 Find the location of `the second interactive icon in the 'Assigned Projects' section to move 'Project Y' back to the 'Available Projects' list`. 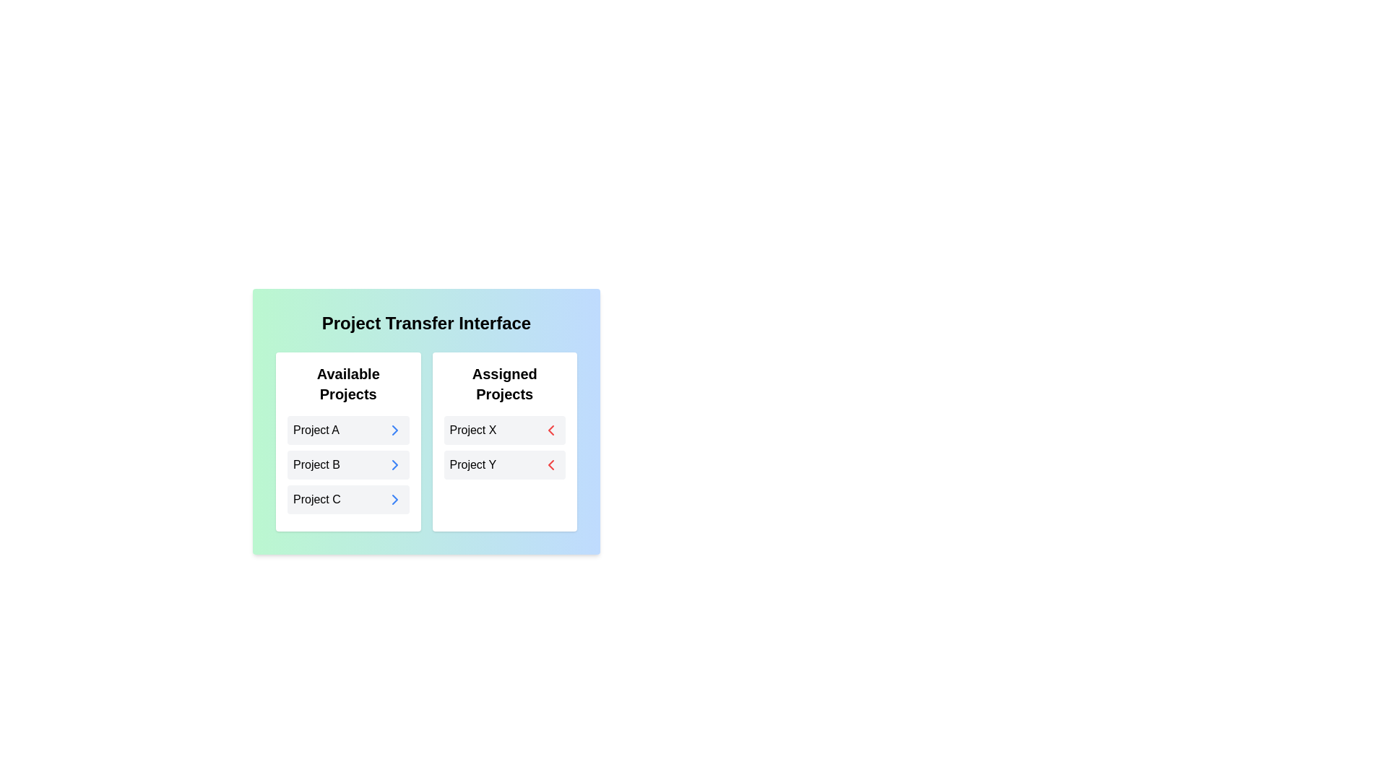

the second interactive icon in the 'Assigned Projects' section to move 'Project Y' back to the 'Available Projects' list is located at coordinates (550, 465).